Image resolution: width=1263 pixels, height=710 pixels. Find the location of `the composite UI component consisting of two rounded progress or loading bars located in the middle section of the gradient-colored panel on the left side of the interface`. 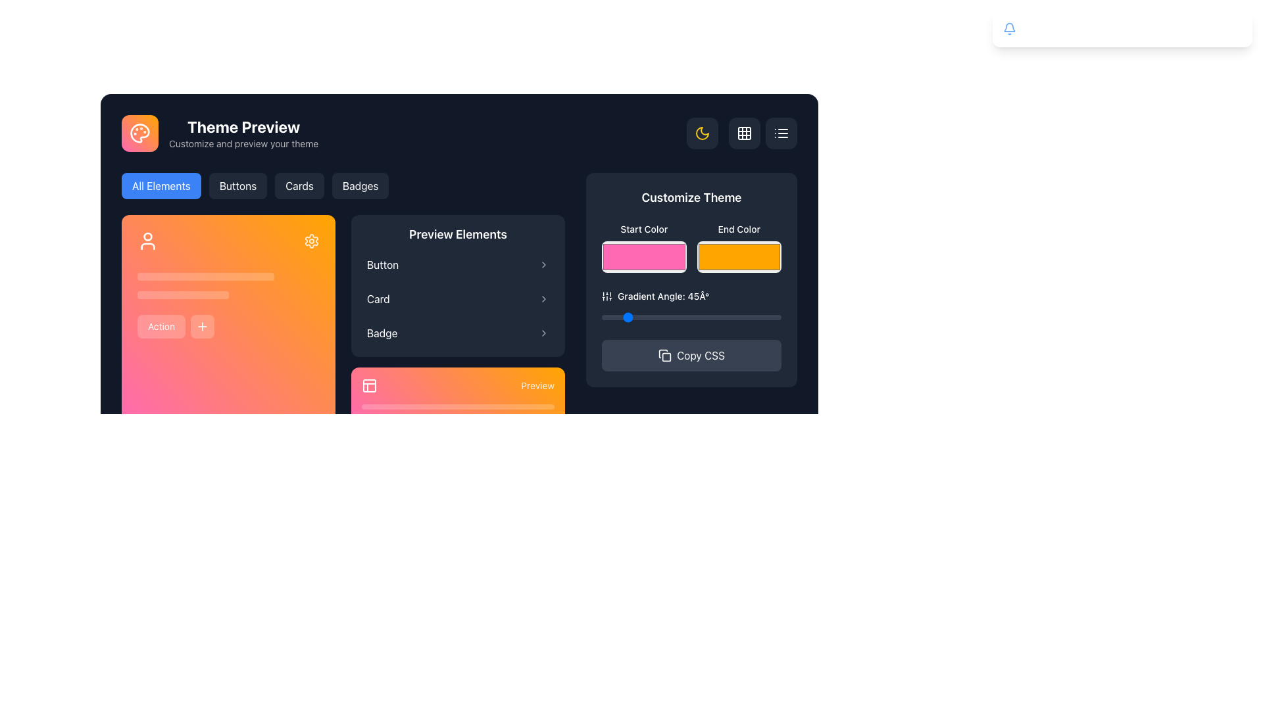

the composite UI component consisting of two rounded progress or loading bars located in the middle section of the gradient-colored panel on the left side of the interface is located at coordinates (228, 285).